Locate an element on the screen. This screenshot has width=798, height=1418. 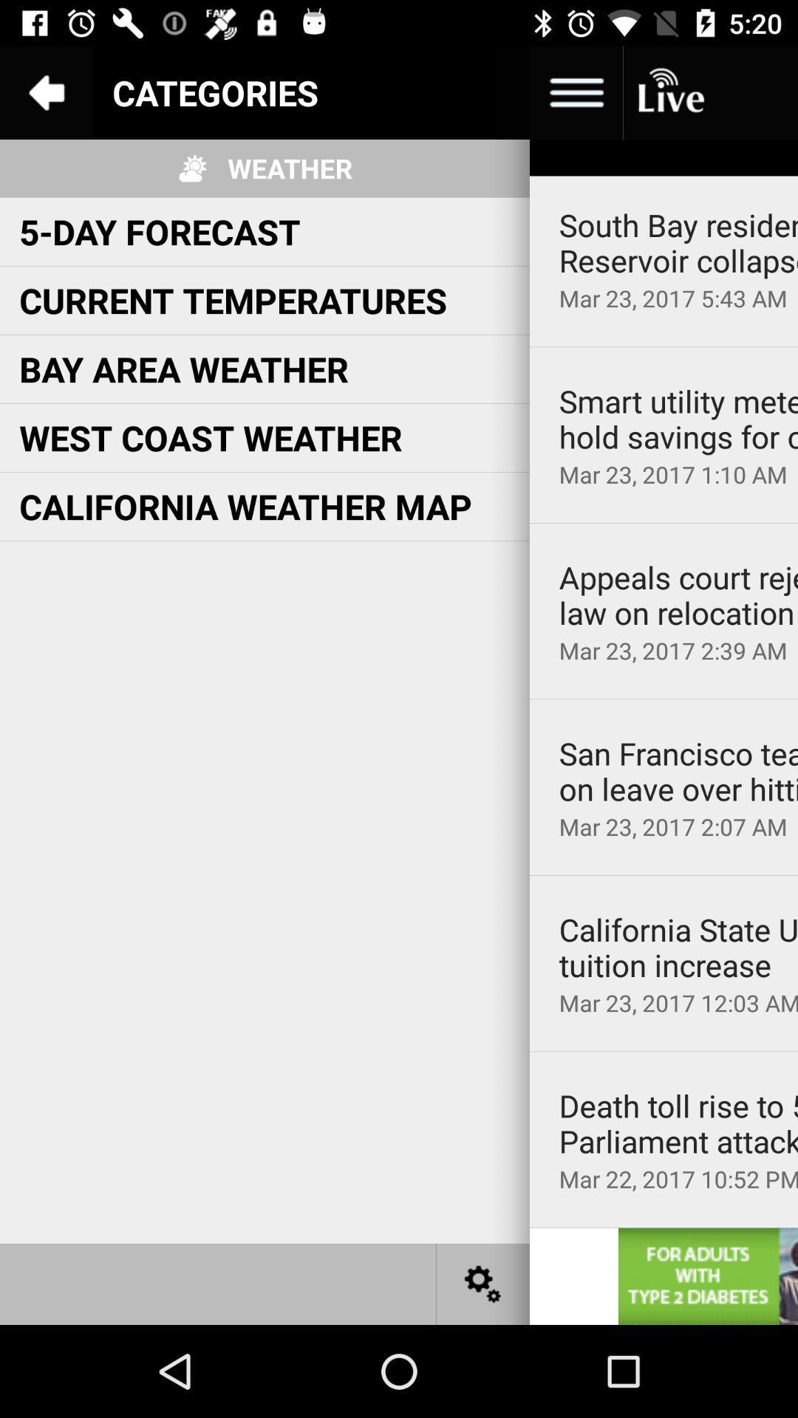
settings button is located at coordinates (483, 1283).